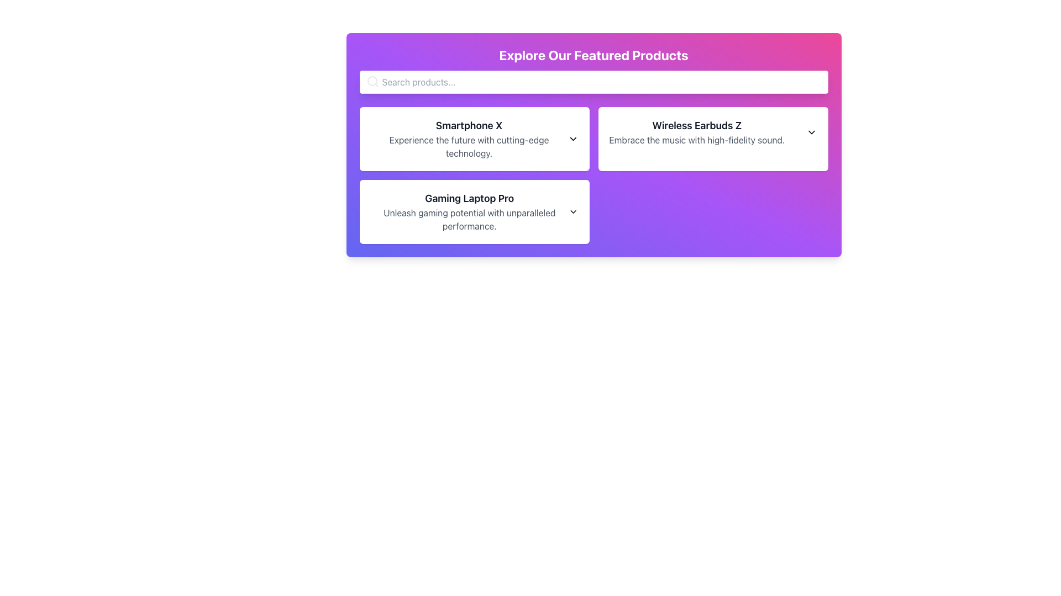  Describe the element at coordinates (474, 138) in the screenshot. I see `the item description for 'Smartphone X' located in the left column of the product selection interface under 'Explore Our Featured Products'` at that location.